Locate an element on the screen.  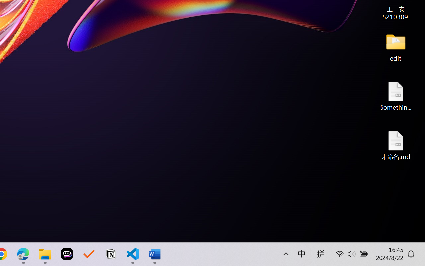
'edit' is located at coordinates (396, 47).